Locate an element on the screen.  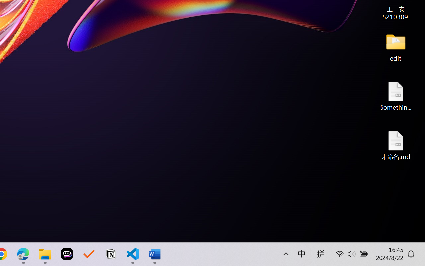
'edit' is located at coordinates (396, 47).